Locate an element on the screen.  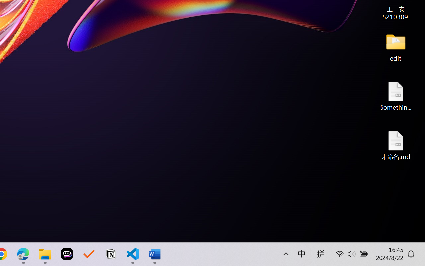
'edit' is located at coordinates (396, 47).